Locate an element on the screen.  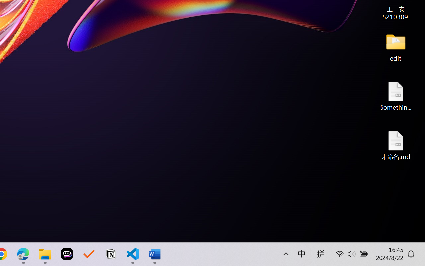
'edit' is located at coordinates (396, 47).